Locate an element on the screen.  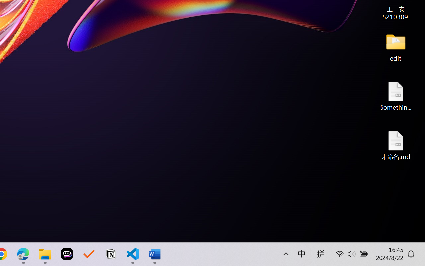
'edit' is located at coordinates (396, 47).